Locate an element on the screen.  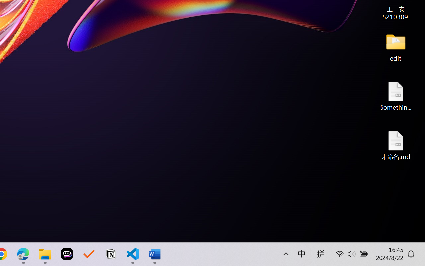
'edit' is located at coordinates (396, 47).